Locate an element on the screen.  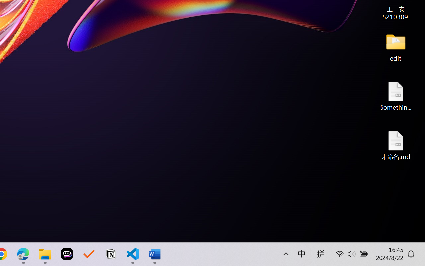
'edit' is located at coordinates (396, 47).